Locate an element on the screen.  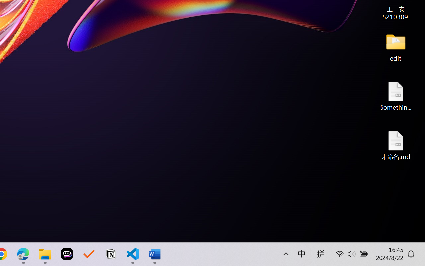
'edit' is located at coordinates (396, 47).